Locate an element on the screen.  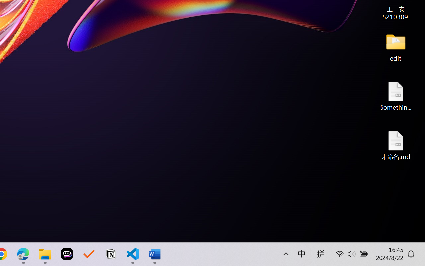
'edit' is located at coordinates (396, 47).